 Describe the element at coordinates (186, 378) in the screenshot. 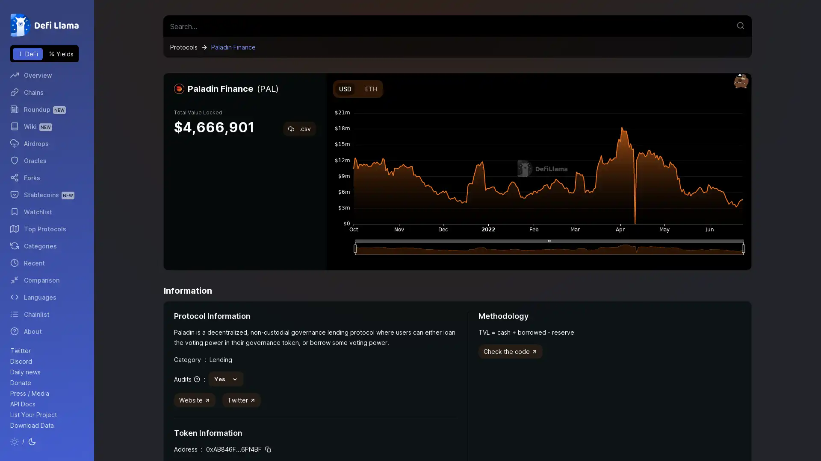

I see `Audits are not a guarantee of security.` at that location.